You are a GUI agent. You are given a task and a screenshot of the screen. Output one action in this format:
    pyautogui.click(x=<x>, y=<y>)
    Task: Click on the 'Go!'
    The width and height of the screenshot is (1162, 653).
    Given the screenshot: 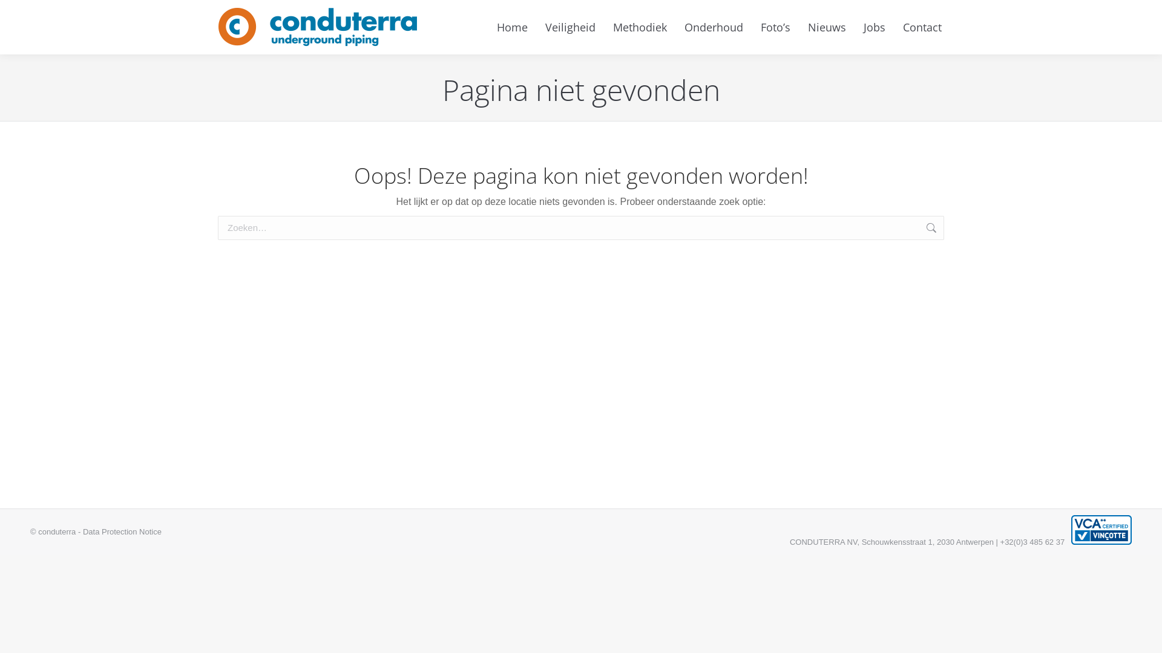 What is the action you would take?
    pyautogui.click(x=962, y=229)
    